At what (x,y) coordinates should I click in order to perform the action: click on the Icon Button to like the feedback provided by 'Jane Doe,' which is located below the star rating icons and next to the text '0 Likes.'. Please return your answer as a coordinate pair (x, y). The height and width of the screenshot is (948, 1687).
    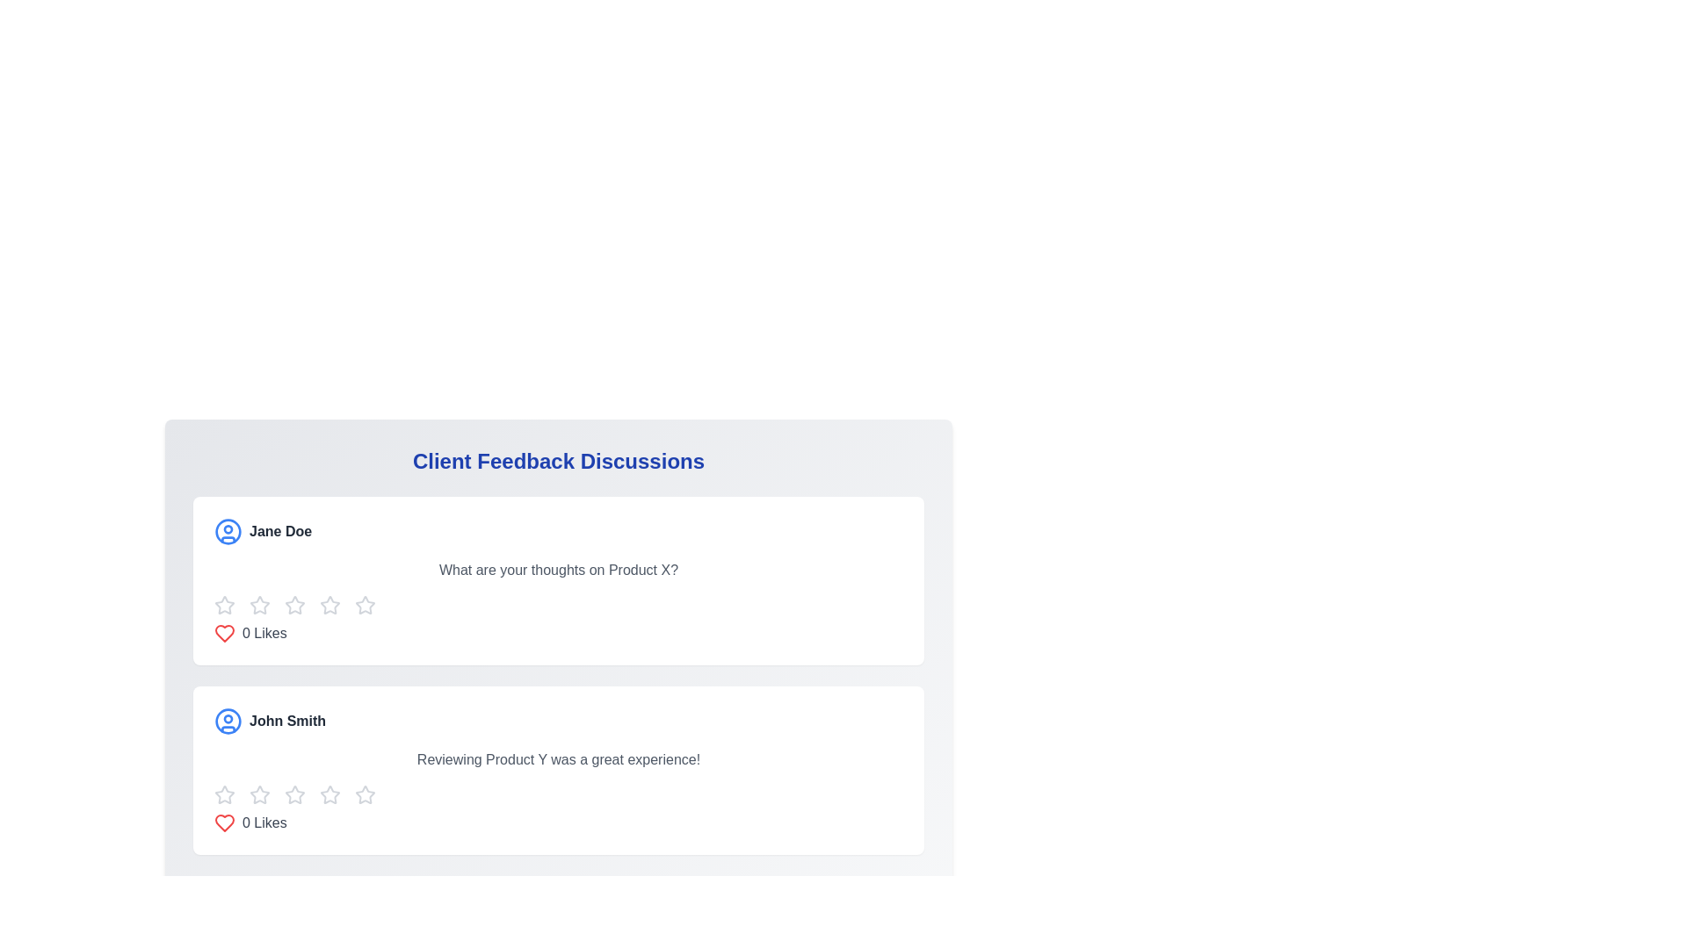
    Looking at the image, I should click on (223, 633).